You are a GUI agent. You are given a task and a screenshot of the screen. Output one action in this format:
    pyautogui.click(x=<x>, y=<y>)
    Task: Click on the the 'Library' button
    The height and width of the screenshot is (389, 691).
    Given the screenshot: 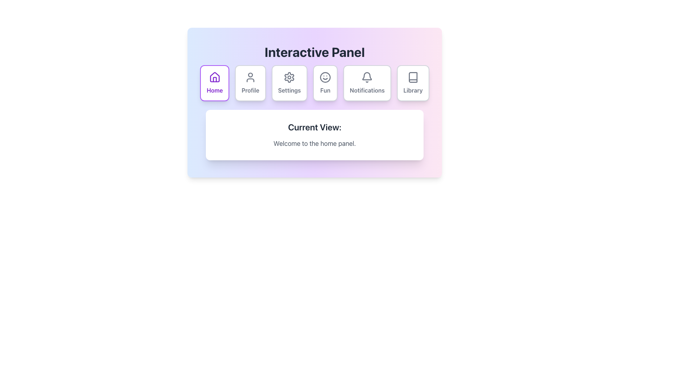 What is the action you would take?
    pyautogui.click(x=413, y=83)
    